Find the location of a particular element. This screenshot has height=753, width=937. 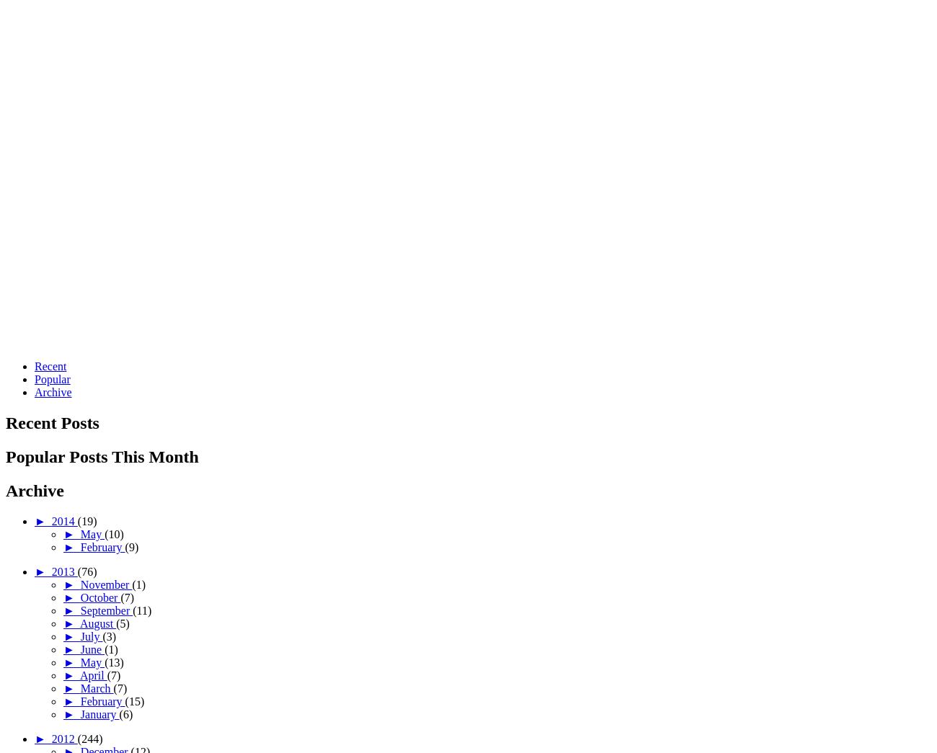

'(13)' is located at coordinates (112, 661).